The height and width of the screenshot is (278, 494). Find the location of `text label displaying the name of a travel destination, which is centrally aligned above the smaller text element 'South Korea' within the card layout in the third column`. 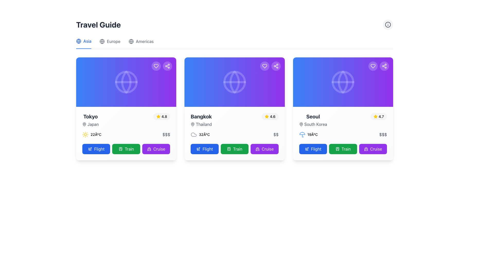

text label displaying the name of a travel destination, which is centrally aligned above the smaller text element 'South Korea' within the card layout in the third column is located at coordinates (313, 116).